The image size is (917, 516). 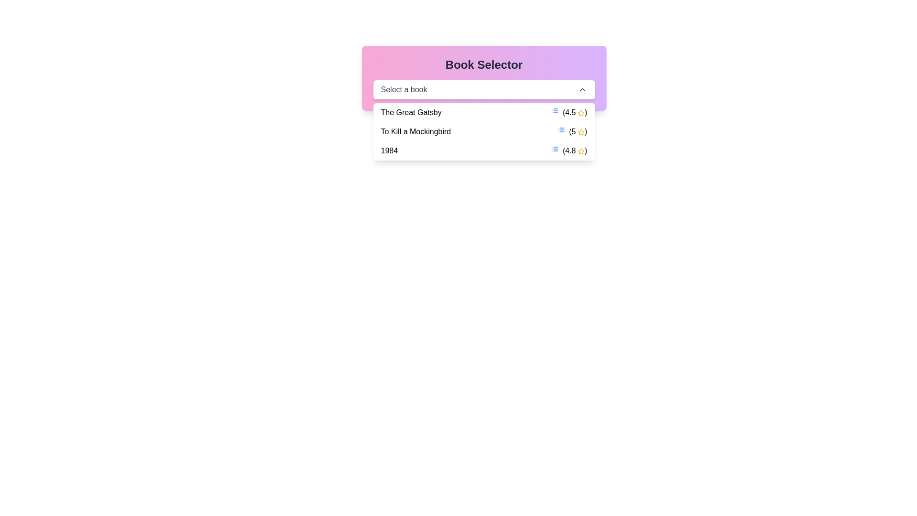 I want to click on the star icon that indicates the rating score for the book 'To Kill a Mockingbird', positioned to the right of the numeric rating value (5), so click(x=581, y=132).